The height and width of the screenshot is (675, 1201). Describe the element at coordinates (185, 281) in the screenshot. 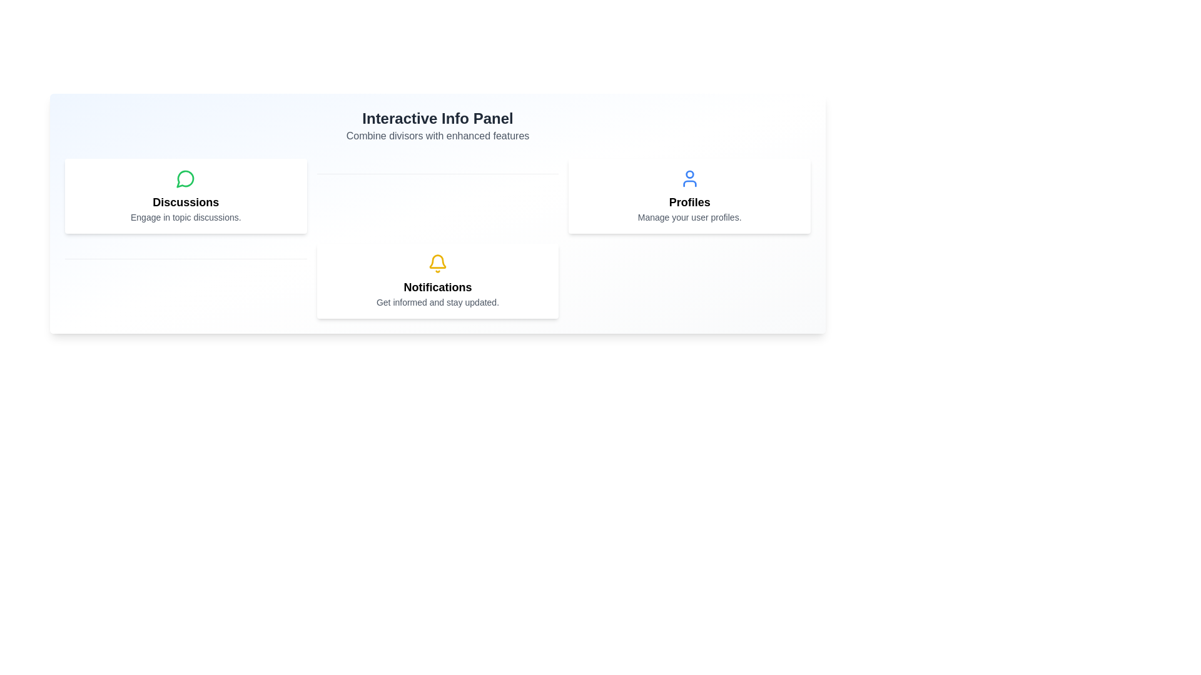

I see `the horizontal divider line located between the 'Discussions' and 'Notifications' sections, which is styled as a thin, straight line` at that location.